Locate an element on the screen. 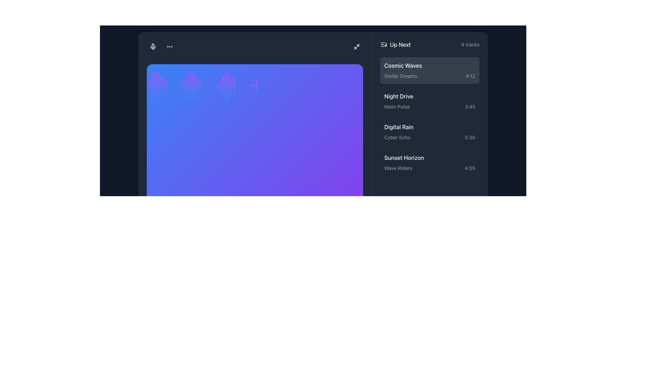  the circular button with an arrow icon located at the top right corner of the interface is located at coordinates (356, 46).